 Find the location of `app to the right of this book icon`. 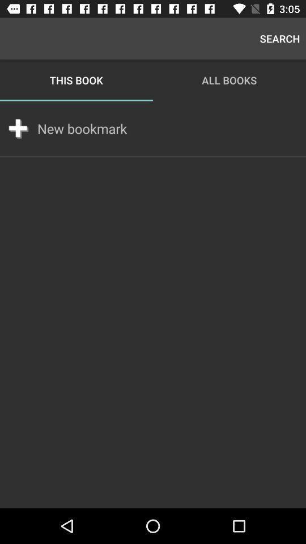

app to the right of this book icon is located at coordinates (279, 39).